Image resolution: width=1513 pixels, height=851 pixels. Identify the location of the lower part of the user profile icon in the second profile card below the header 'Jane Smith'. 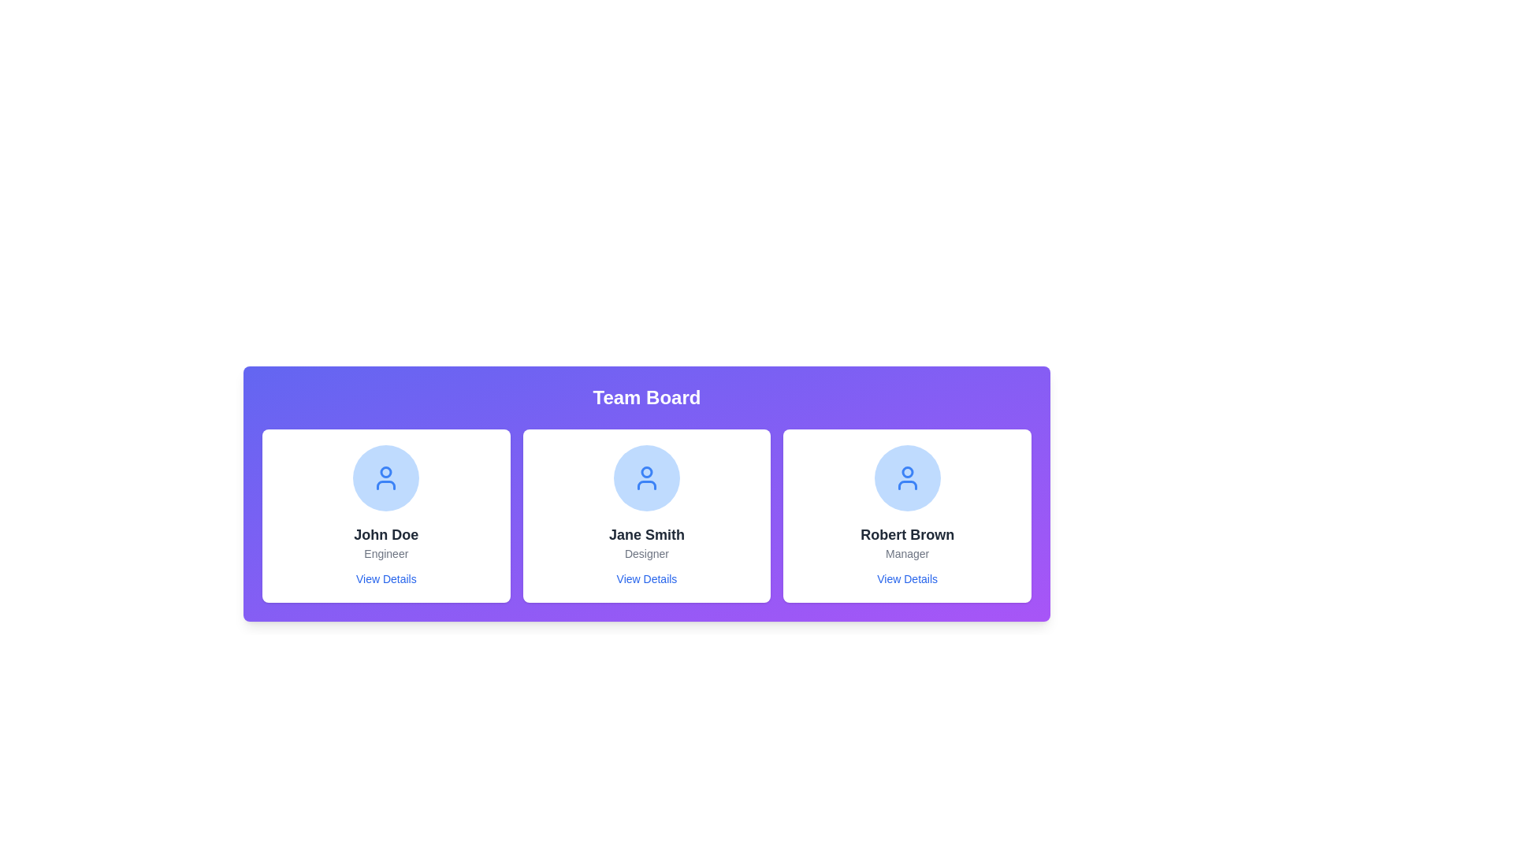
(646, 485).